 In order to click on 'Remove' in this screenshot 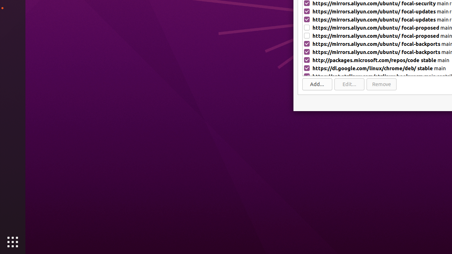, I will do `click(381, 84)`.